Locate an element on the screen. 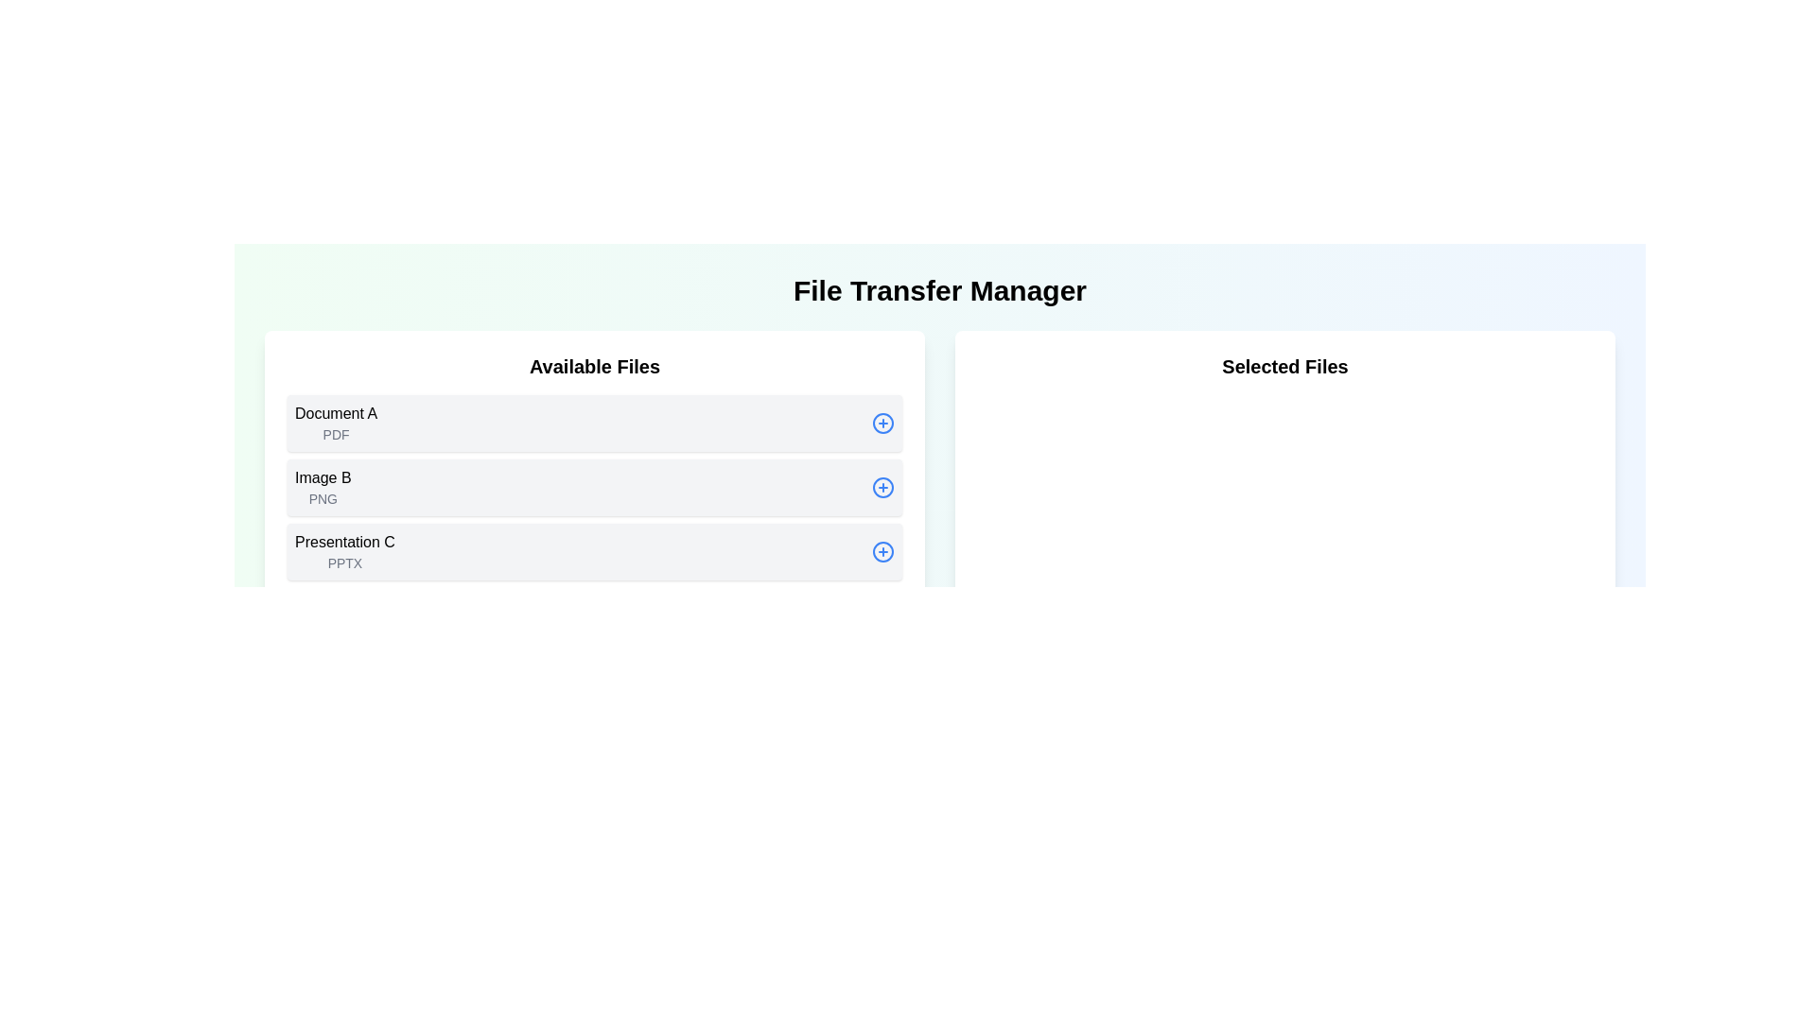 This screenshot has height=1021, width=1816. the text label displaying 'Image B' located in the second row of the 'Available Files' column, positioned above 'PNG' and below 'Document A' is located at coordinates (323, 476).